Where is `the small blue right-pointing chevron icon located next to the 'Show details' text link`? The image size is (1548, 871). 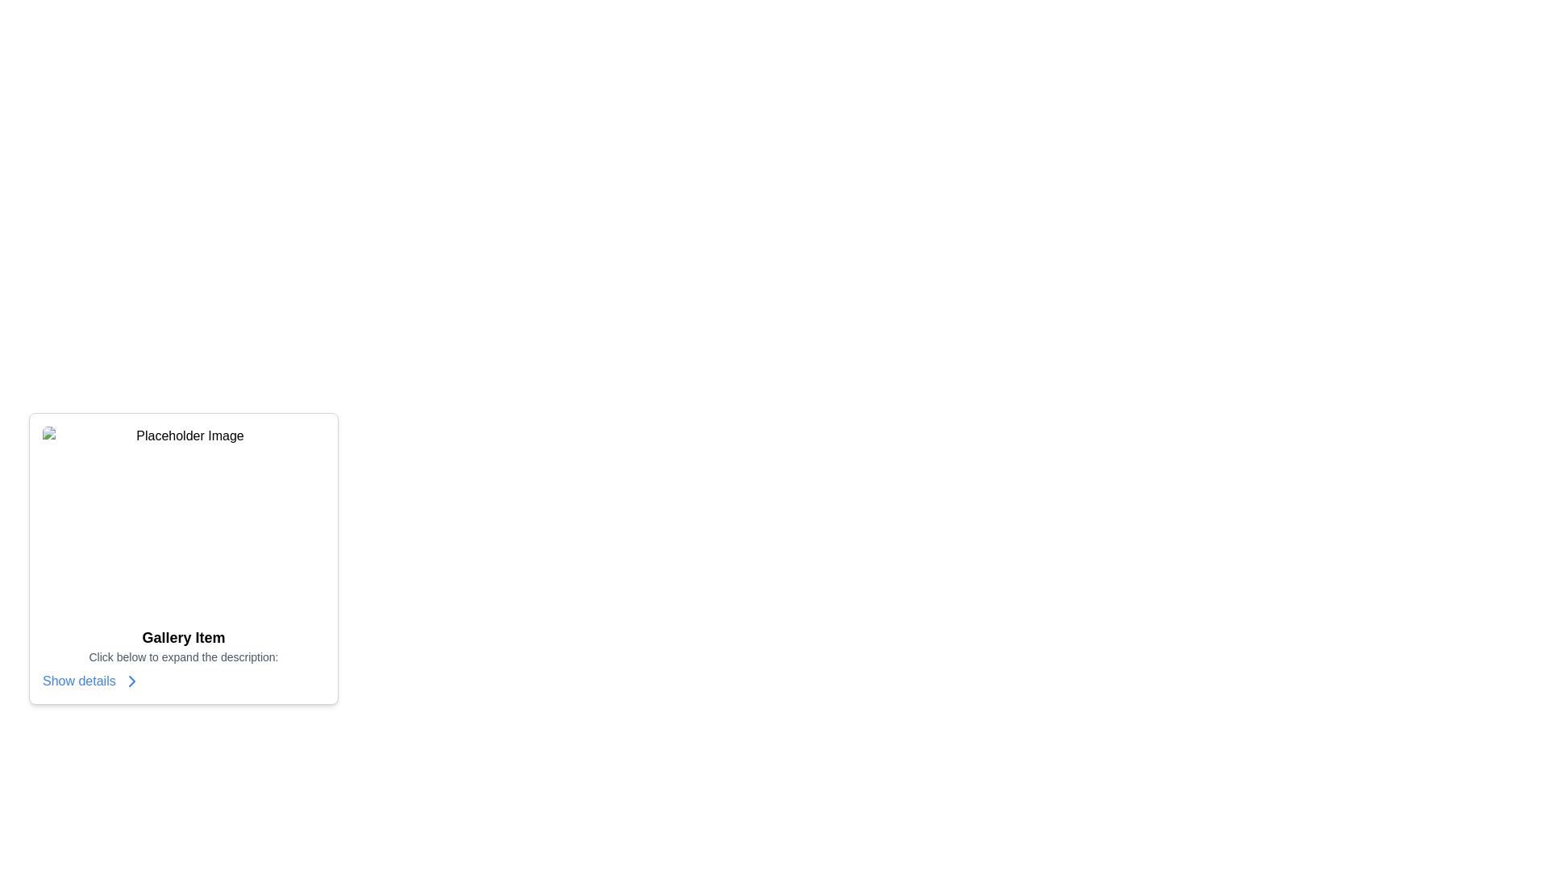
the small blue right-pointing chevron icon located next to the 'Show details' text link is located at coordinates (131, 681).